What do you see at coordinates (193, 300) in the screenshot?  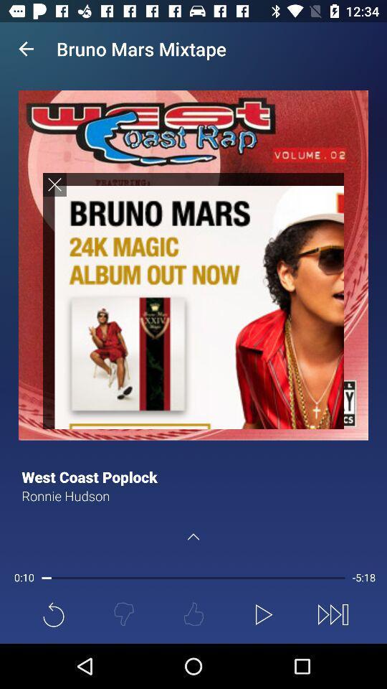 I see `see album` at bounding box center [193, 300].